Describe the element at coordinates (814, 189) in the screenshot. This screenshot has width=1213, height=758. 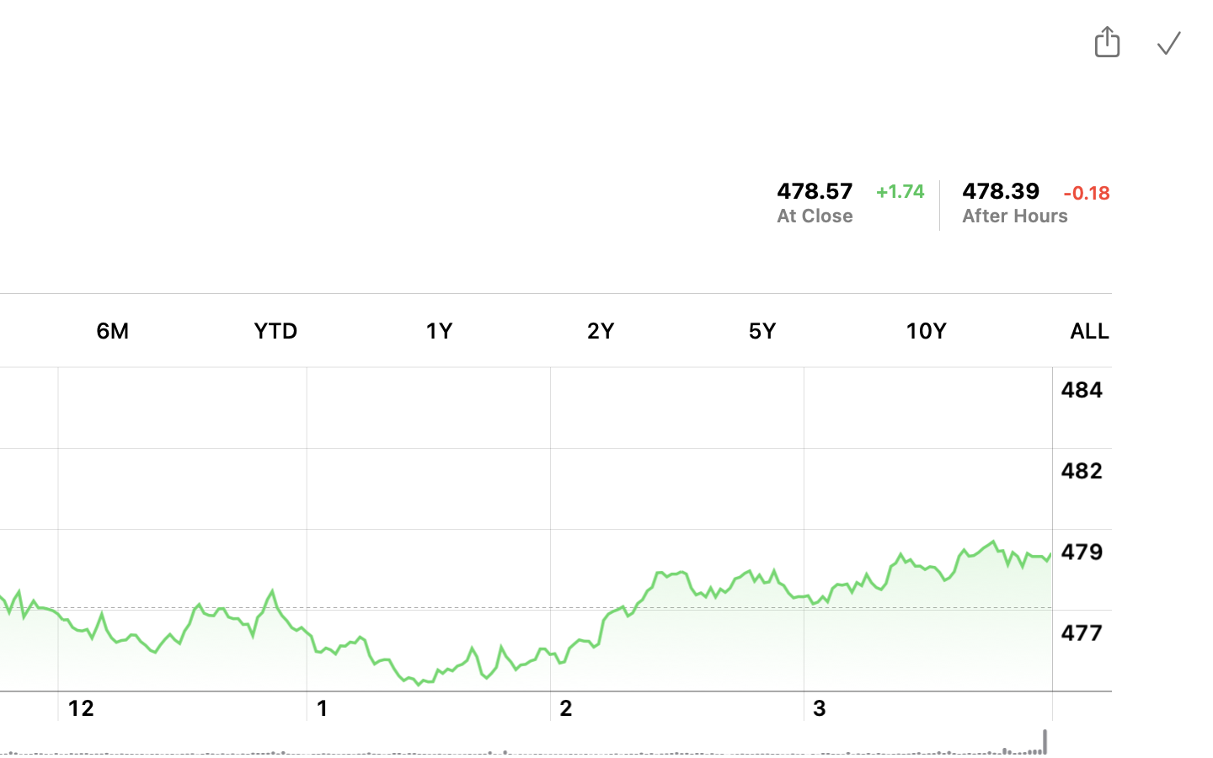
I see `'478.57, change, up 1.74 points'` at that location.